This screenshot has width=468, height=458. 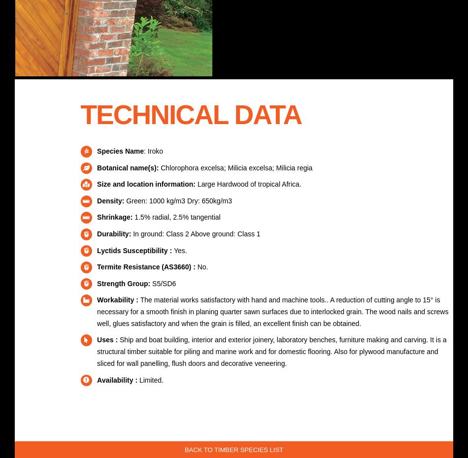 What do you see at coordinates (175, 217) in the screenshot?
I see `'1.5% radial, 2.5% tangential'` at bounding box center [175, 217].